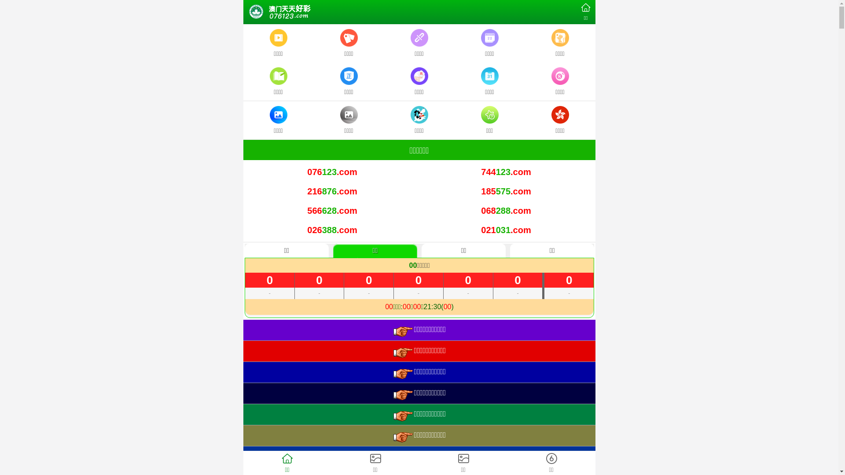 This screenshot has height=475, width=845. What do you see at coordinates (506, 230) in the screenshot?
I see `'021031.com'` at bounding box center [506, 230].